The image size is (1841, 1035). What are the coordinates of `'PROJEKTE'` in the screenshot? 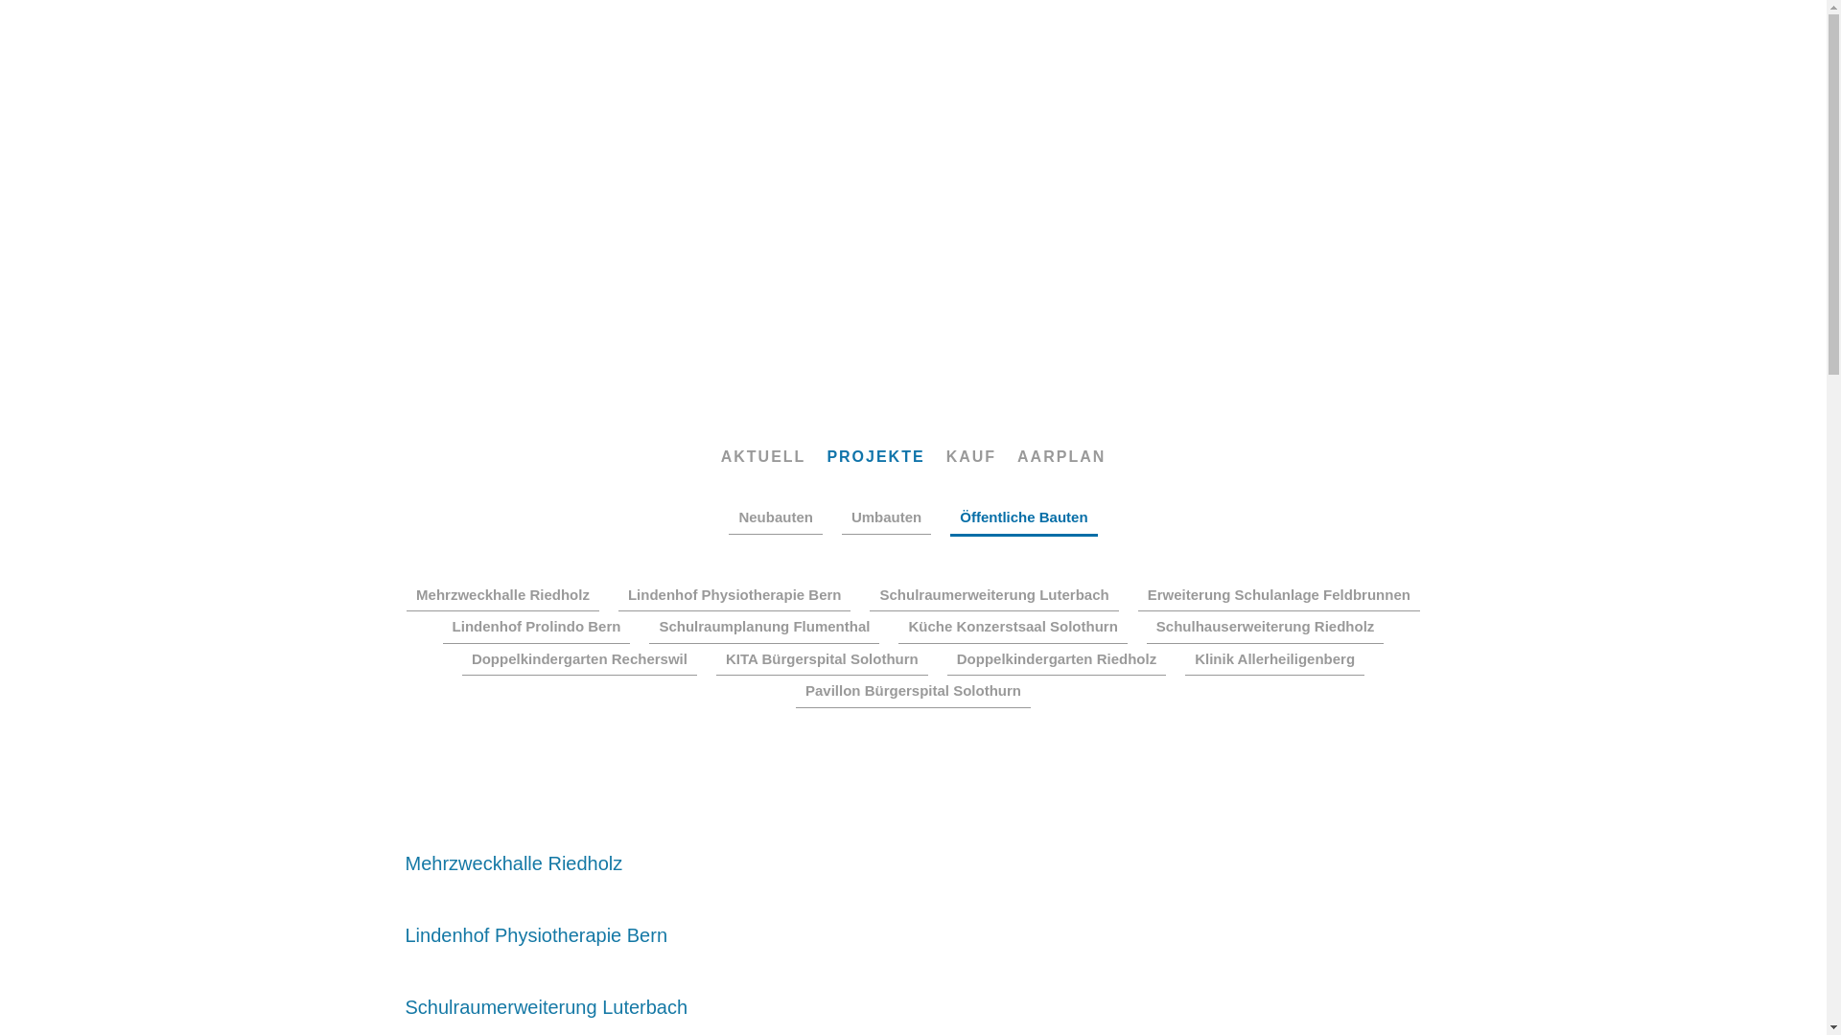 It's located at (874, 457).